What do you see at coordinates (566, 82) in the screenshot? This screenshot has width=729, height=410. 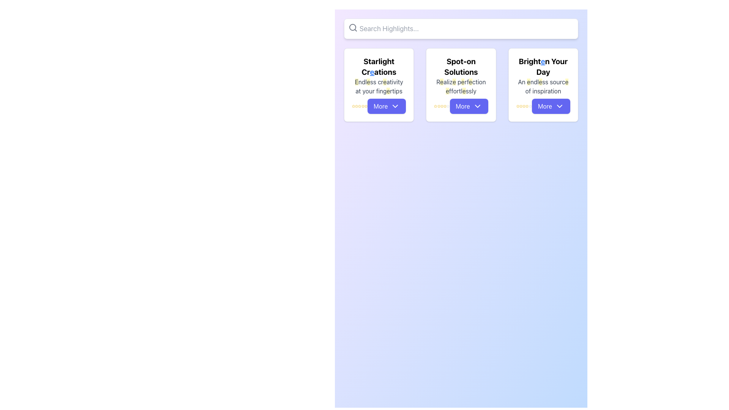 I see `the last occurrence of the letter 'e' in the phrase 'An endless source of inspiration' within the bottom text section of the 'Brighten Your Day' card` at bounding box center [566, 82].